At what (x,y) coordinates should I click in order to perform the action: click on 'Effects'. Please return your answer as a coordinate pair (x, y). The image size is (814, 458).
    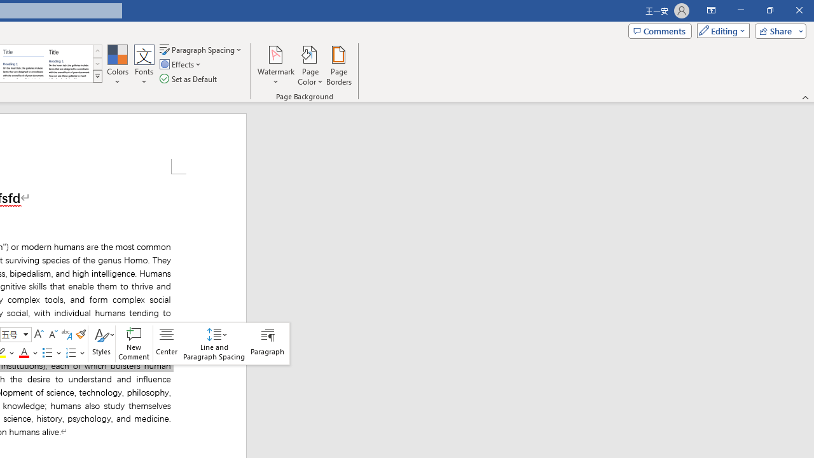
    Looking at the image, I should click on (181, 64).